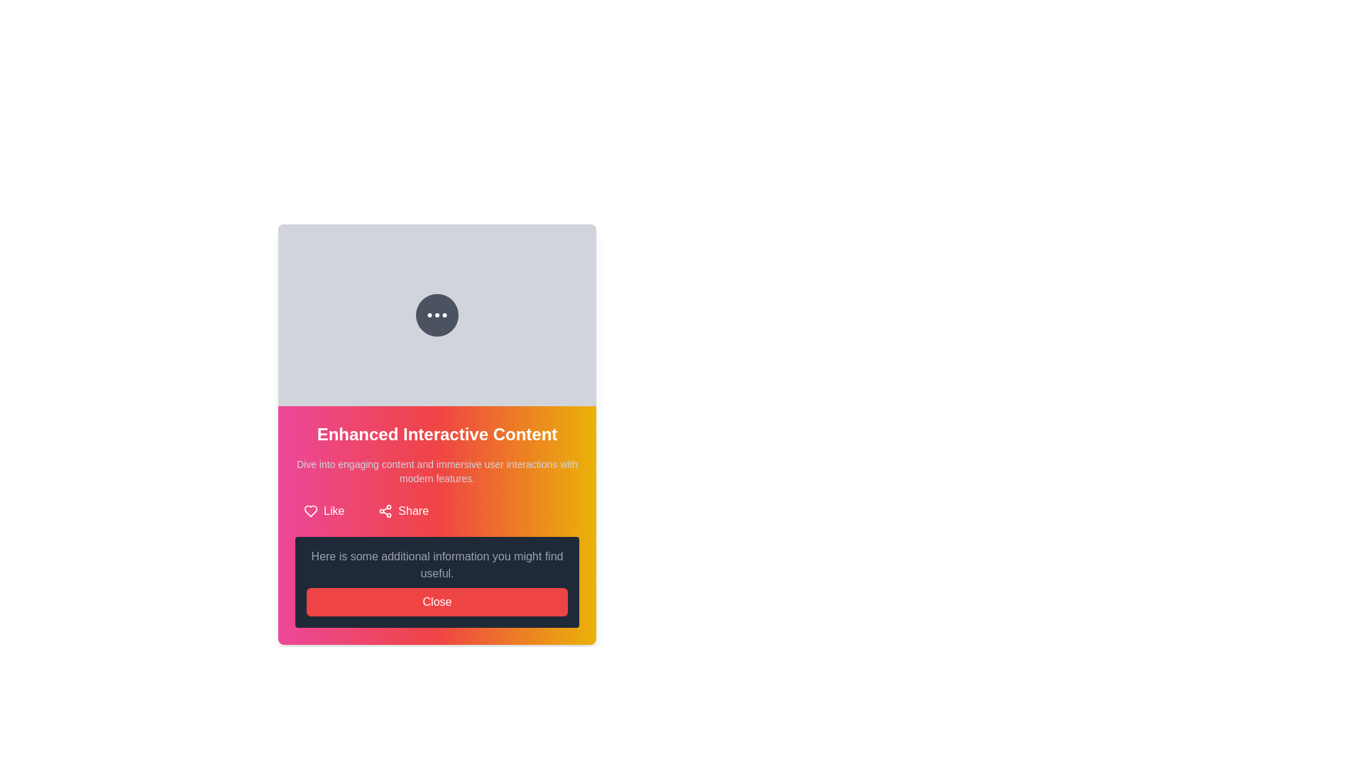 The height and width of the screenshot is (767, 1363). Describe the element at coordinates (436, 471) in the screenshot. I see `the text block displaying the message 'Dive into engaging content and immersive user interactions with modern features' which is styled with a small font size and gray color, located below the title 'Enhanced Interactive Content'` at that location.